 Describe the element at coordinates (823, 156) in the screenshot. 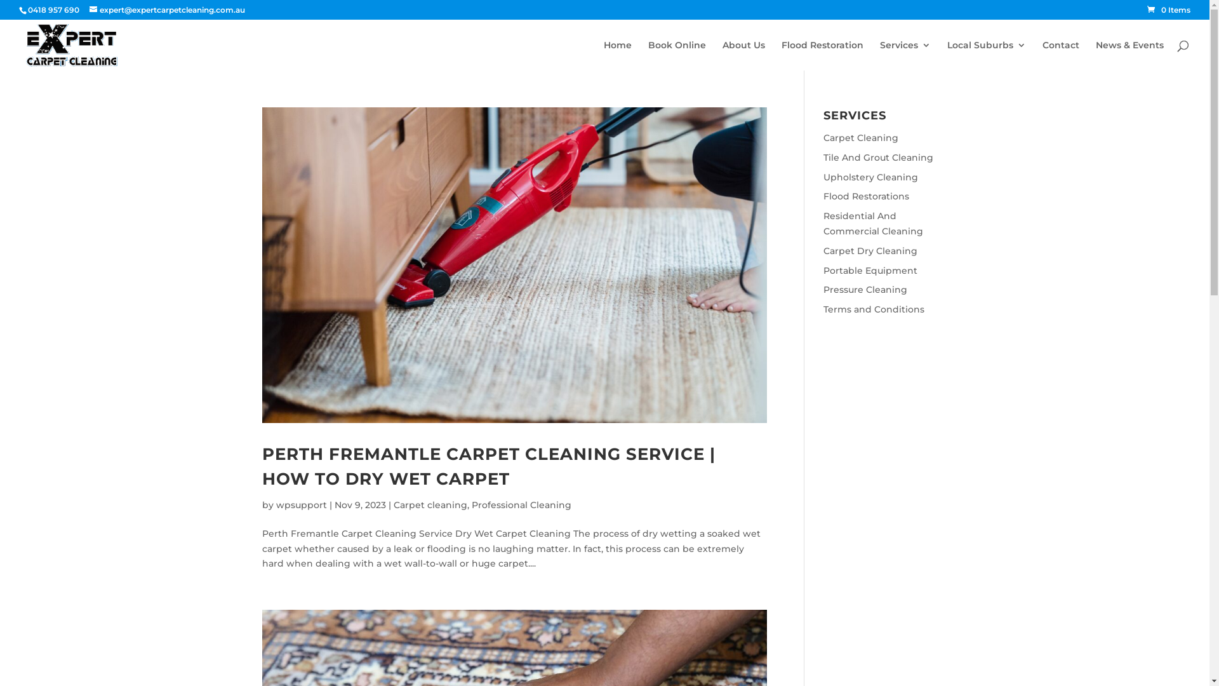

I see `'Tile And Grout Cleaning'` at that location.